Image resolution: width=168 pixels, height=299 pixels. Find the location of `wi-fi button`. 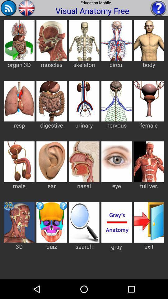

wi-fi button is located at coordinates (8, 7).